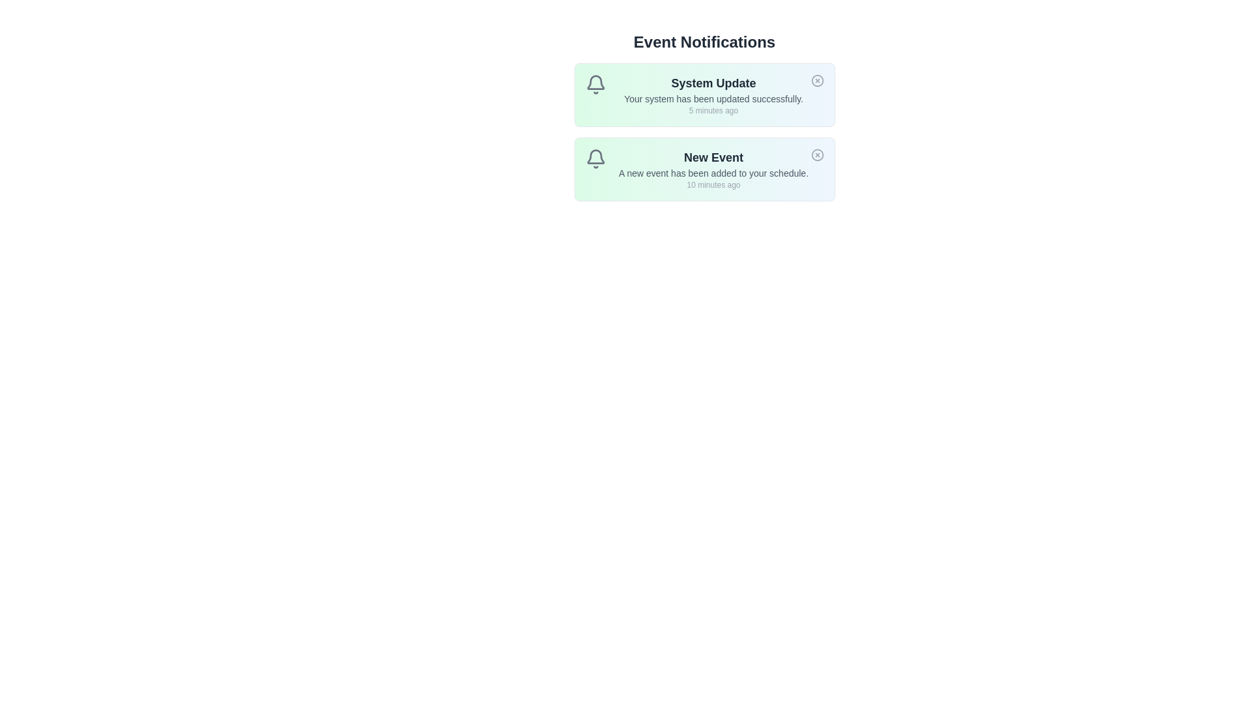  Describe the element at coordinates (704, 95) in the screenshot. I see `the notification titled System Update to read its details` at that location.